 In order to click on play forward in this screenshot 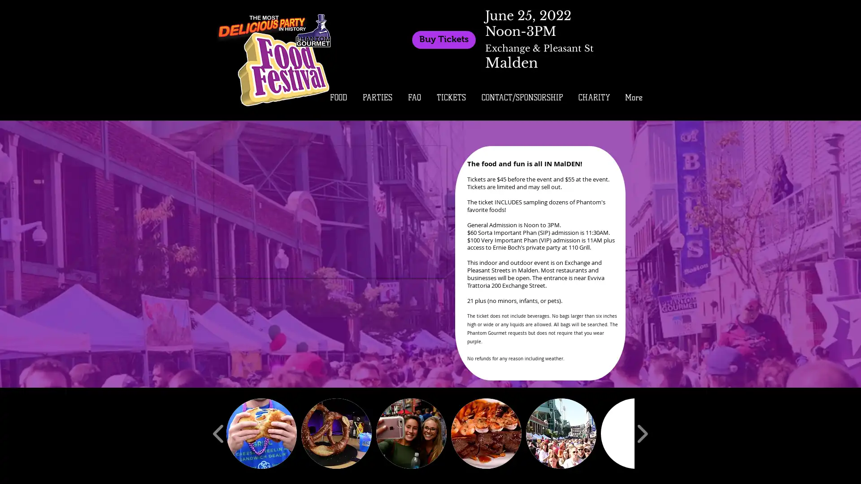, I will do `click(642, 433)`.